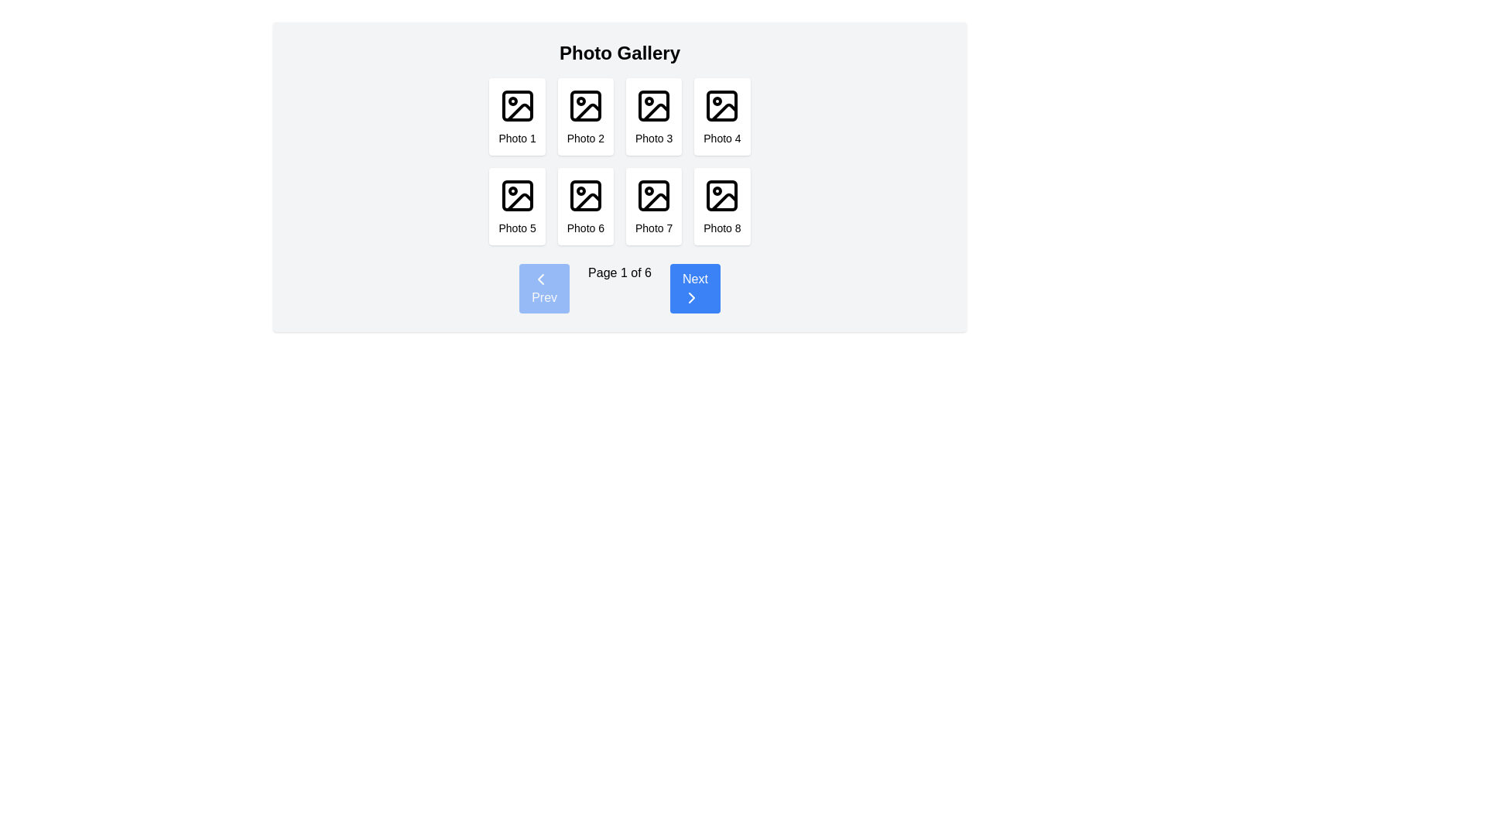 This screenshot has height=836, width=1486. I want to click on the SVG rectangle shape that is part of the photo icon for 'Photo 2' in the second item of the image grid, so click(584, 105).